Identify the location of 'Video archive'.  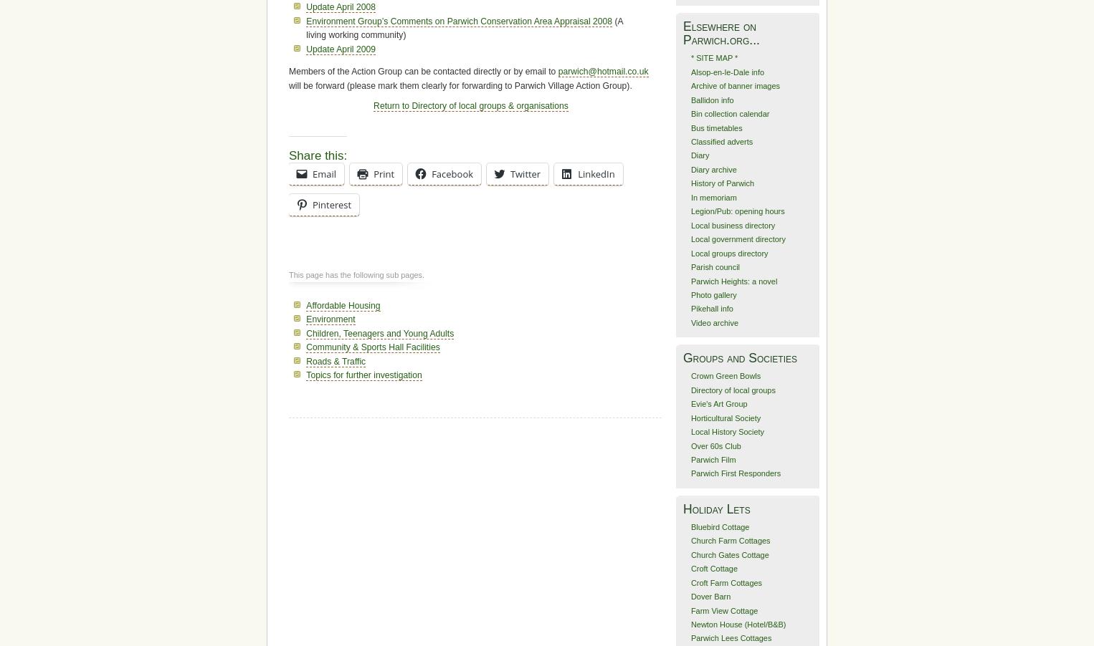
(713, 322).